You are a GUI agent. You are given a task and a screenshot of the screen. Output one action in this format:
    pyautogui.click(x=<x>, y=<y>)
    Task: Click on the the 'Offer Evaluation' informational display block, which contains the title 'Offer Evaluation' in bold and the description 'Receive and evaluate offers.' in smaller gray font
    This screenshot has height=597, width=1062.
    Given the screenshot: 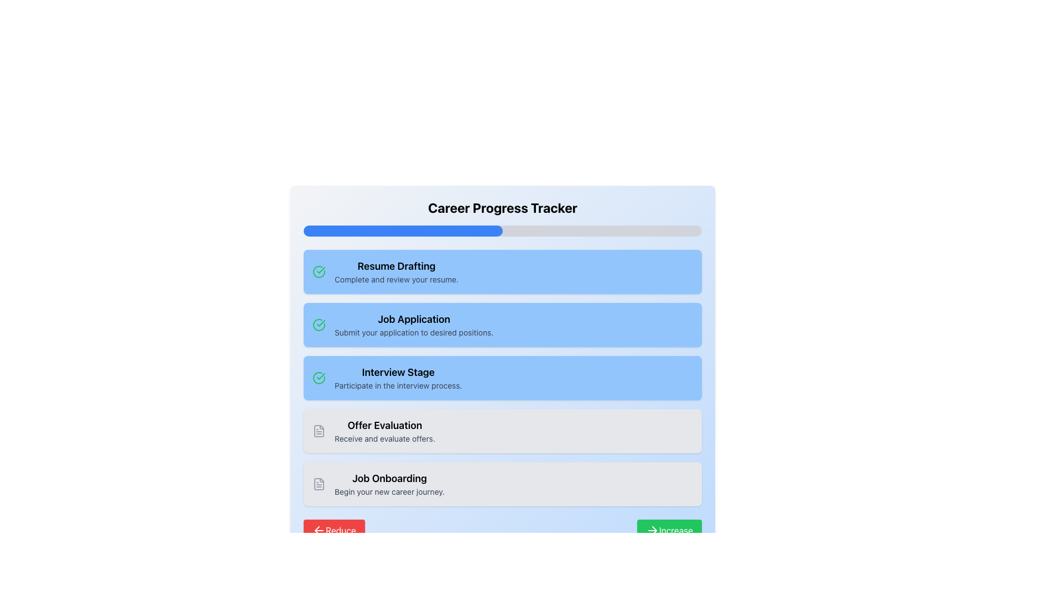 What is the action you would take?
    pyautogui.click(x=384, y=430)
    